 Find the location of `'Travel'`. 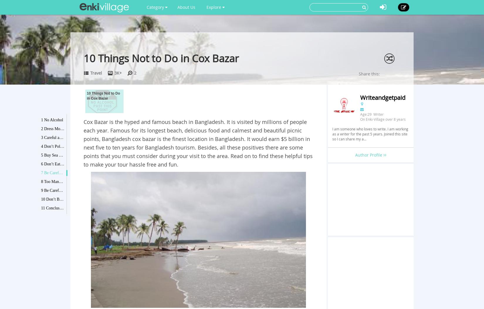

'Travel' is located at coordinates (96, 72).